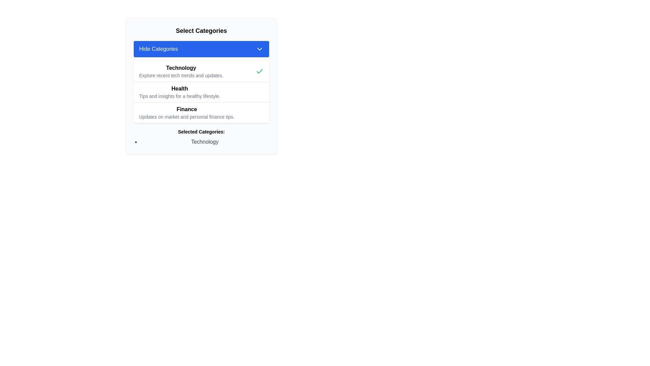  What do you see at coordinates (201, 92) in the screenshot?
I see `one of the categories ('Technology', 'Health', or 'Finance') within the vertically stacked panel labeled 'Select Categories'` at bounding box center [201, 92].